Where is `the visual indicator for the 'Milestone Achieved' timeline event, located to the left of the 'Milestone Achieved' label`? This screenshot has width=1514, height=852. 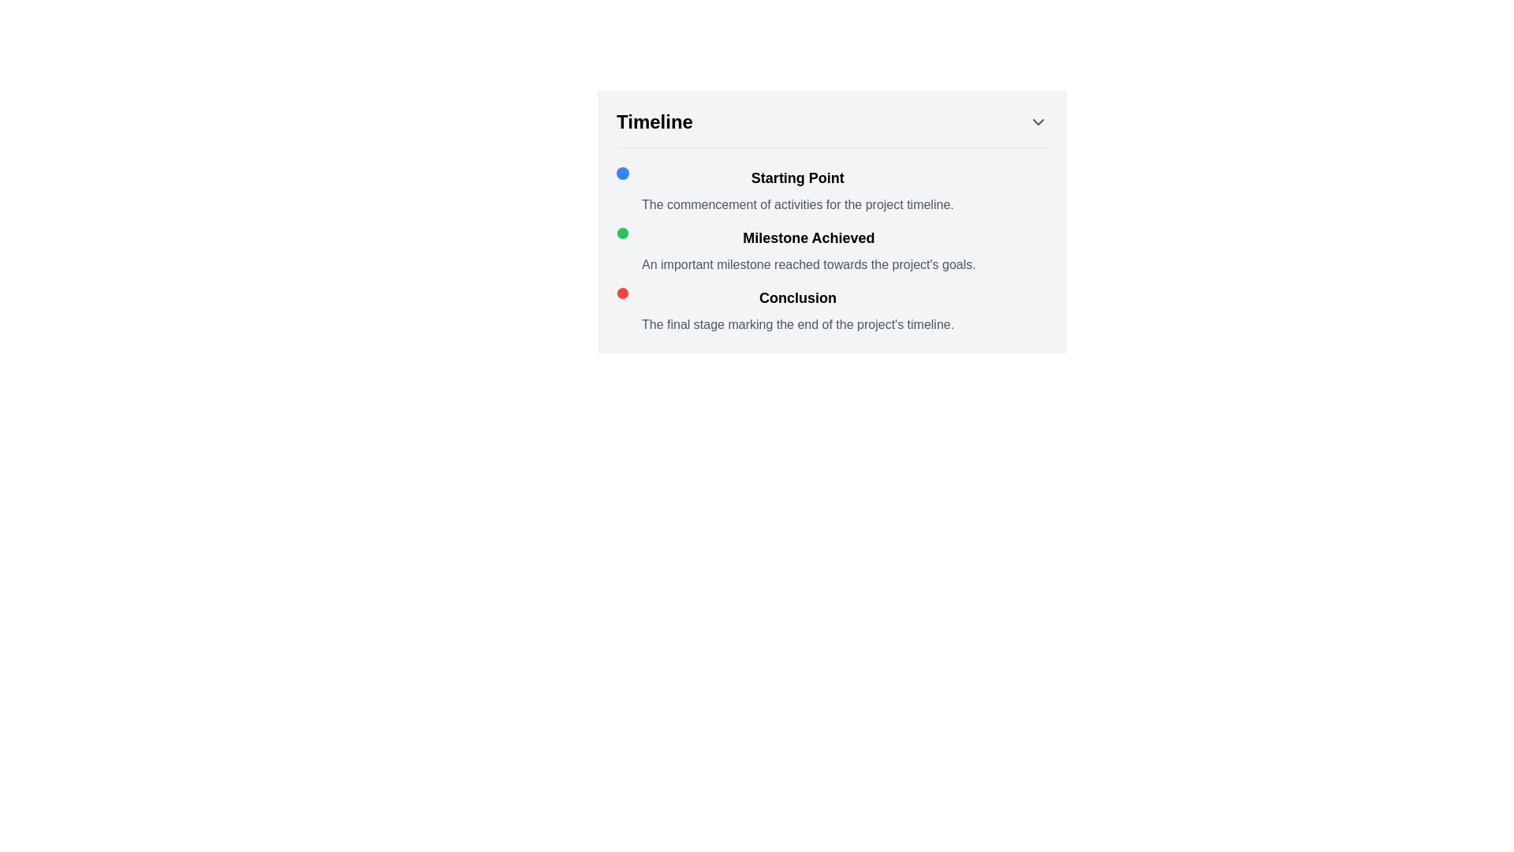 the visual indicator for the 'Milestone Achieved' timeline event, located to the left of the 'Milestone Achieved' label is located at coordinates (622, 234).